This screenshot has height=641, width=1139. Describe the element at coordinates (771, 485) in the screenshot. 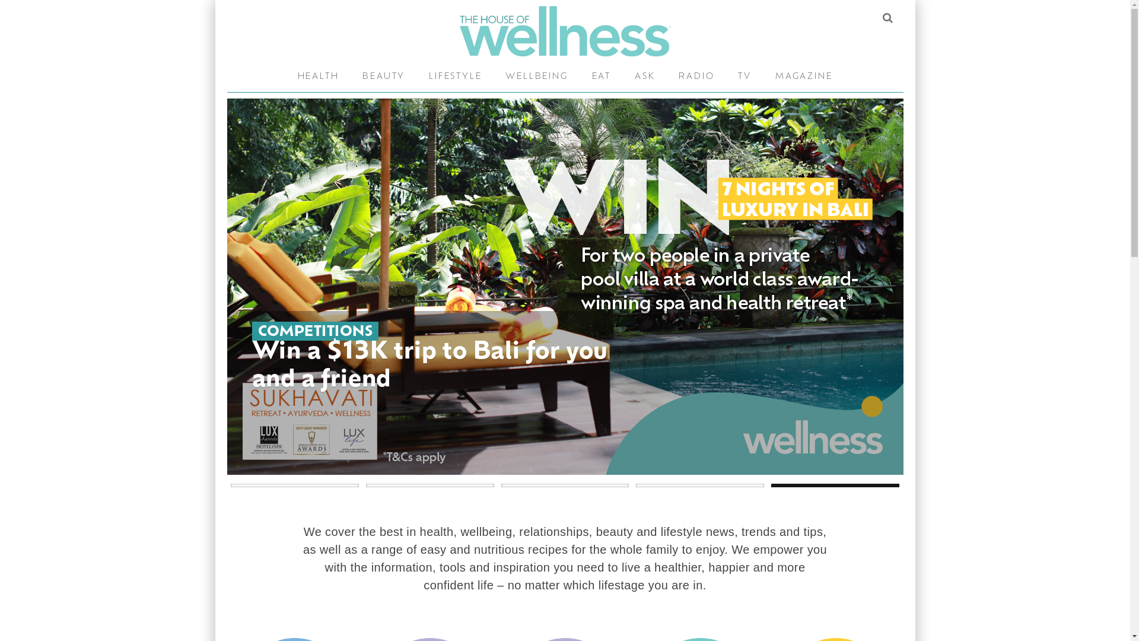

I see `'5'` at that location.